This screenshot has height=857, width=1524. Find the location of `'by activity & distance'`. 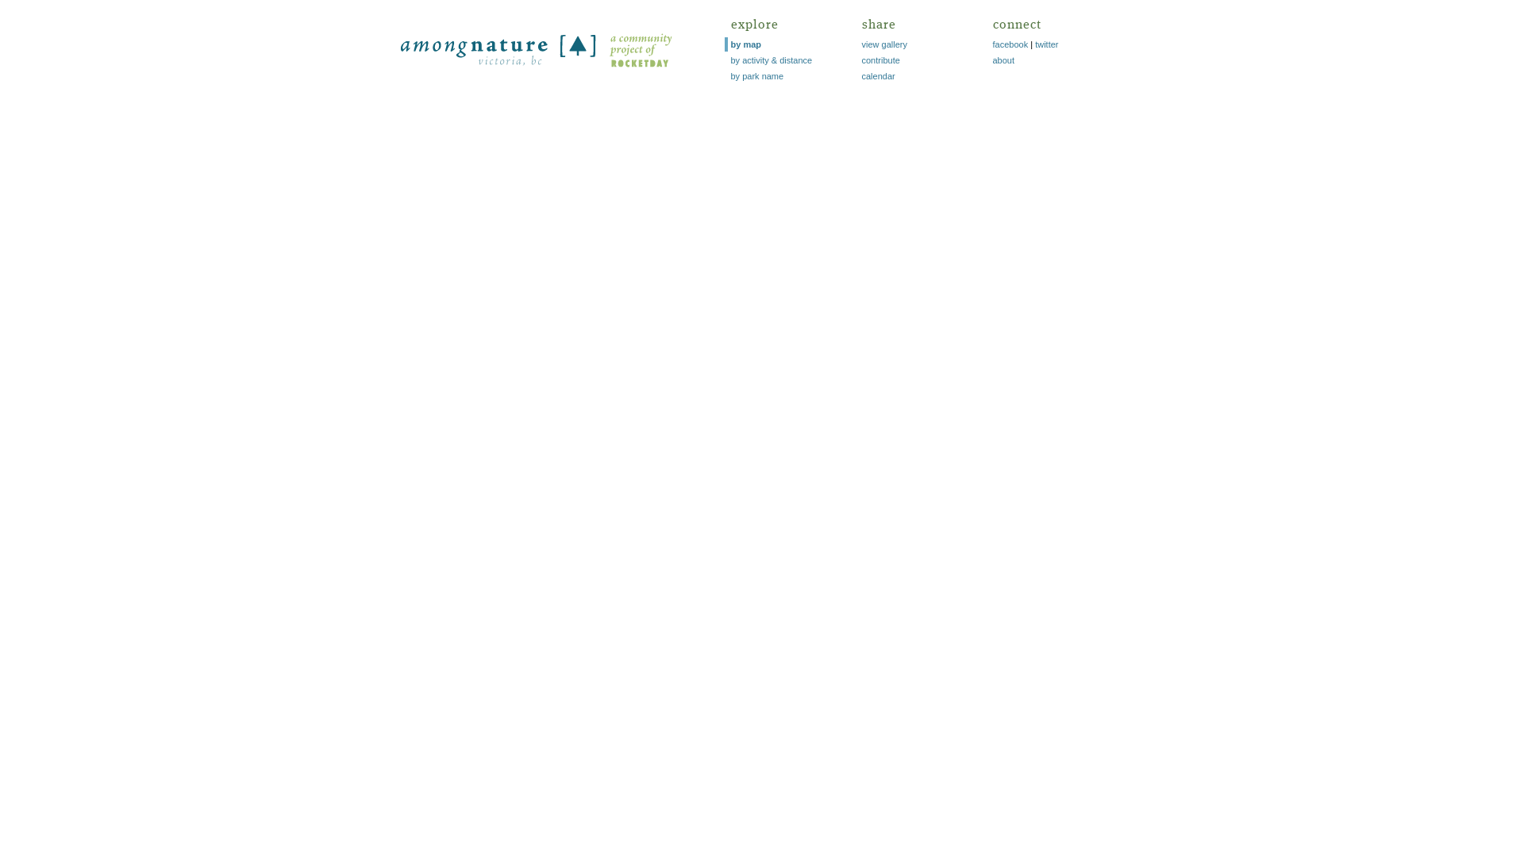

'by activity & distance' is located at coordinates (771, 60).